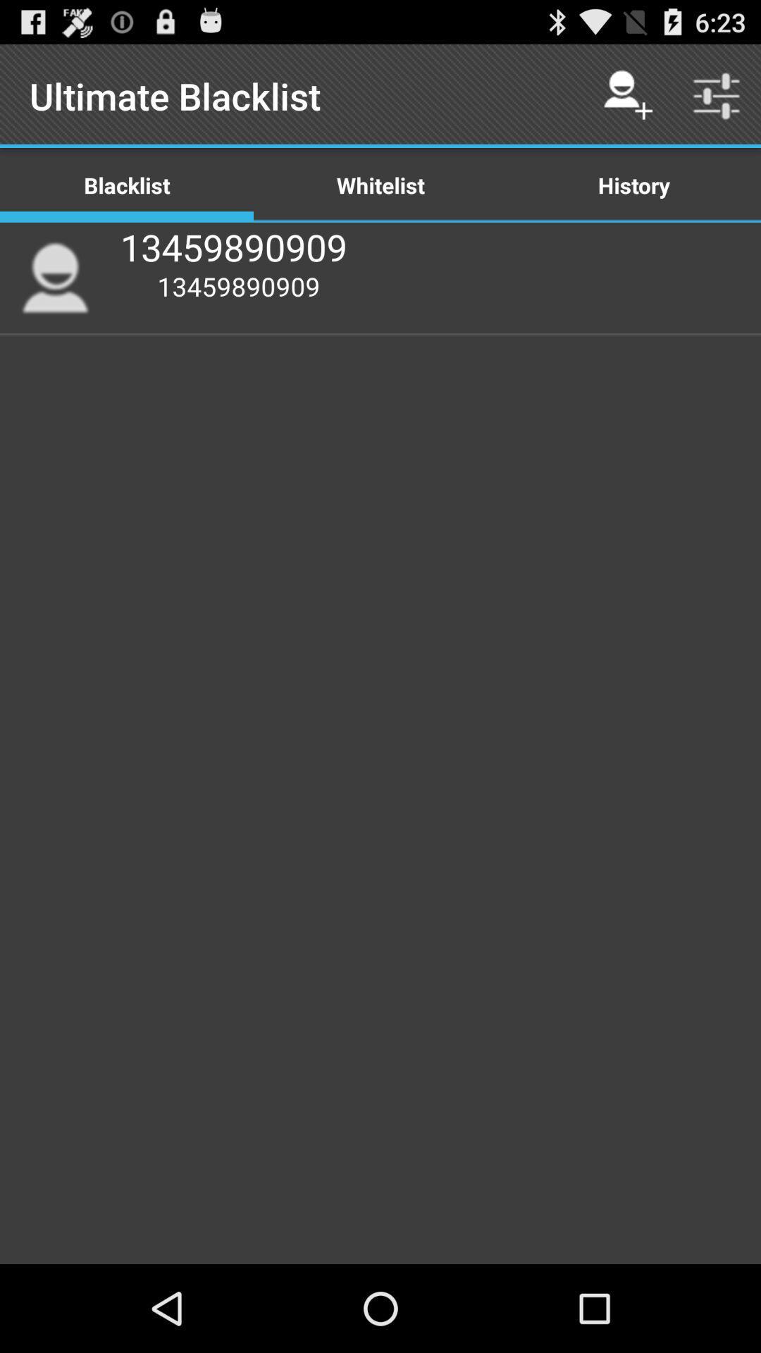 Image resolution: width=761 pixels, height=1353 pixels. Describe the element at coordinates (633, 184) in the screenshot. I see `the item next to whitelist` at that location.